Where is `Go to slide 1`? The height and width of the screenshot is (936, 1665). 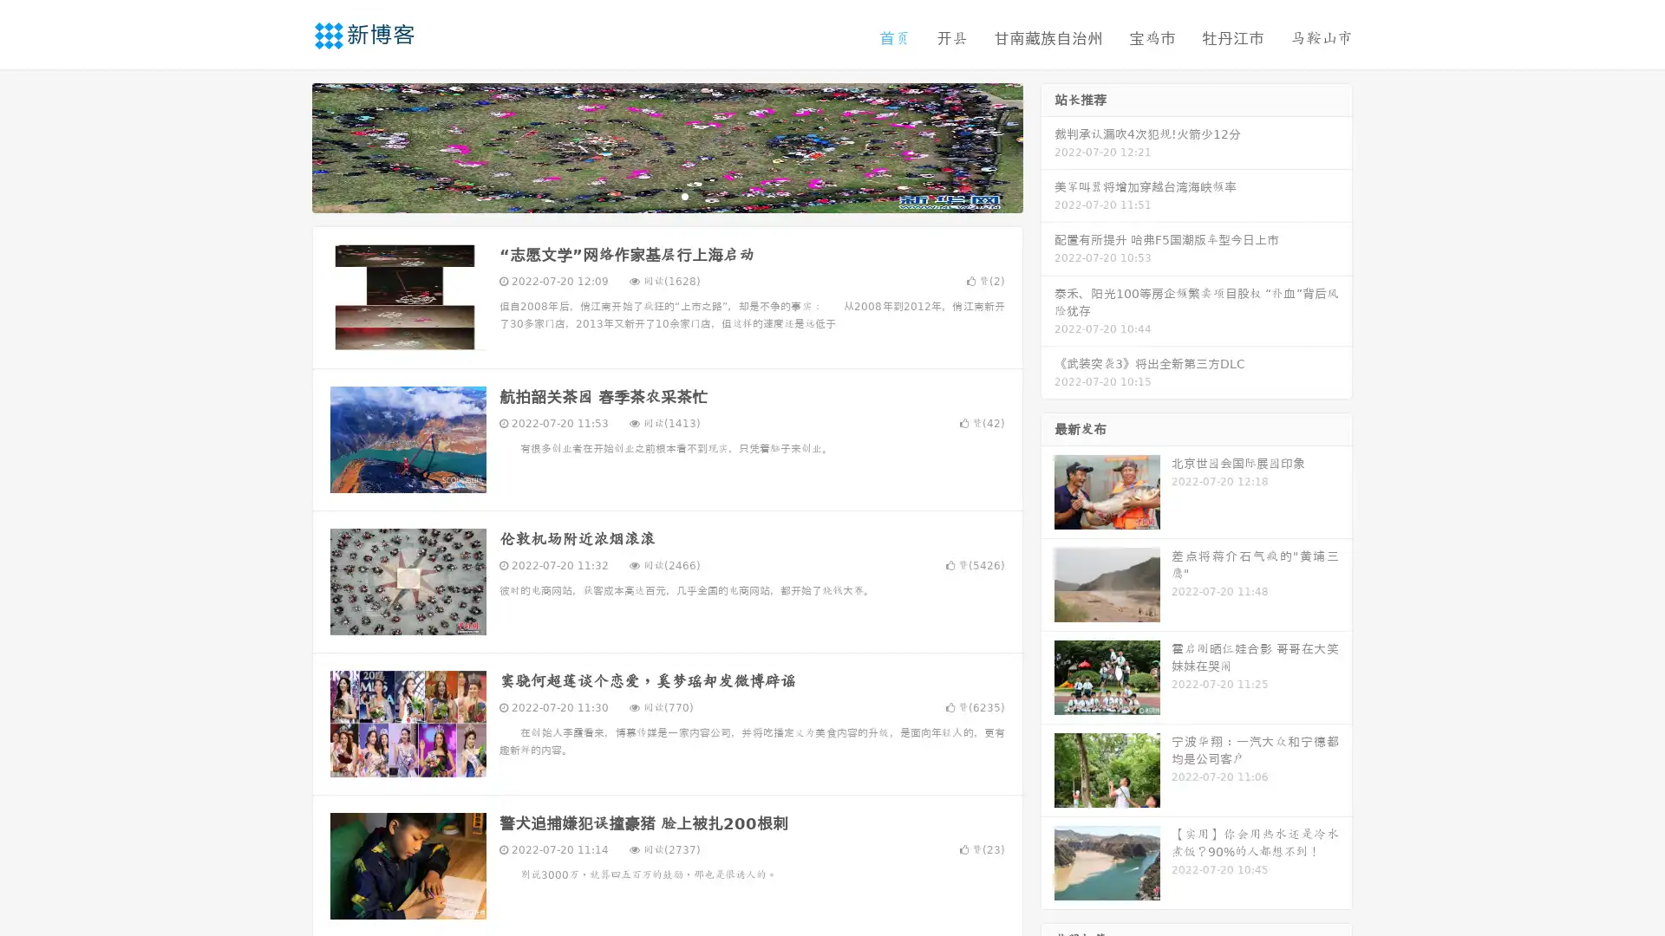
Go to slide 1 is located at coordinates (649, 195).